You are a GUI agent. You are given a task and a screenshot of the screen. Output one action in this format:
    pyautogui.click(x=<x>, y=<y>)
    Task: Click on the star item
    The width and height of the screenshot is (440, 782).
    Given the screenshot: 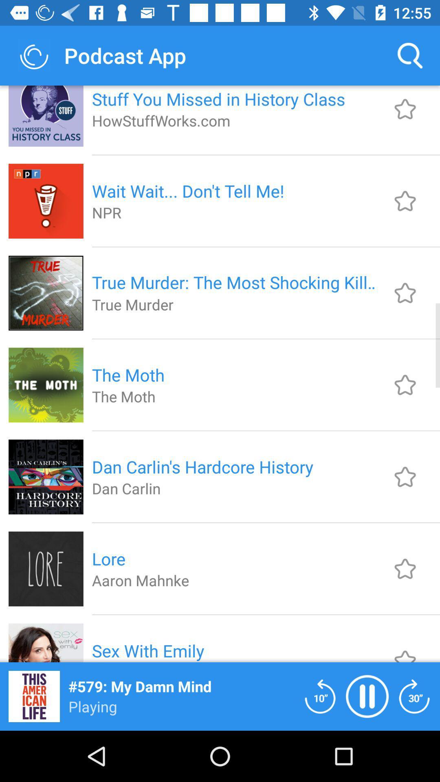 What is the action you would take?
    pyautogui.click(x=405, y=568)
    